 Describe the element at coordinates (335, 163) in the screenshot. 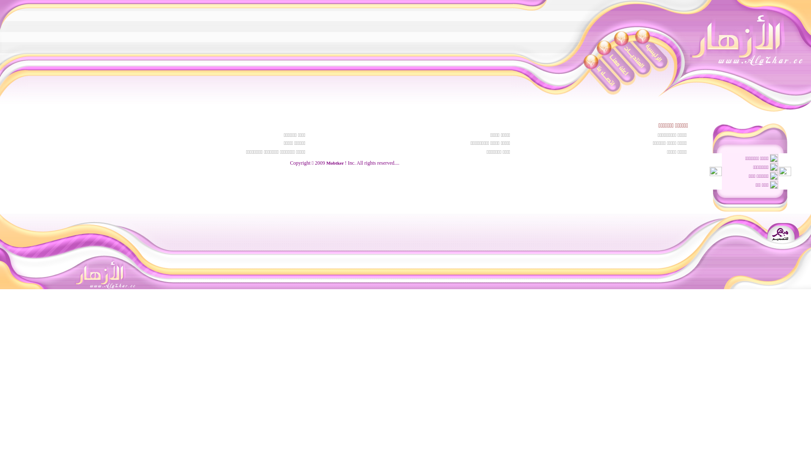

I see `'Mobtker'` at that location.